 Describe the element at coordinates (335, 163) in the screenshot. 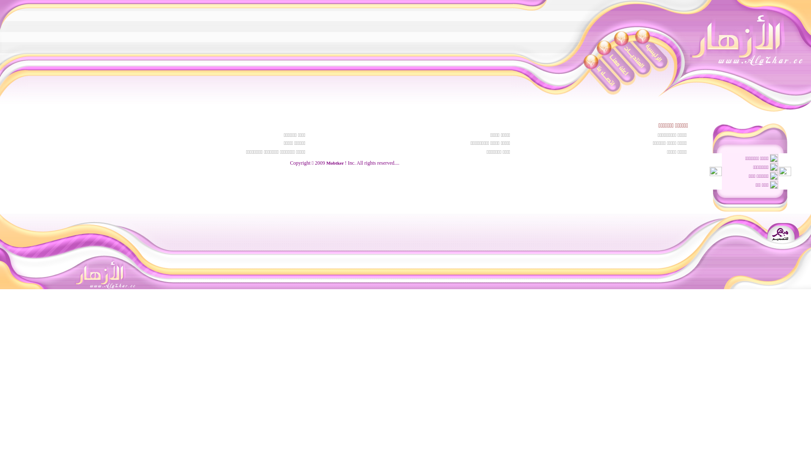

I see `'Mobtker'` at that location.